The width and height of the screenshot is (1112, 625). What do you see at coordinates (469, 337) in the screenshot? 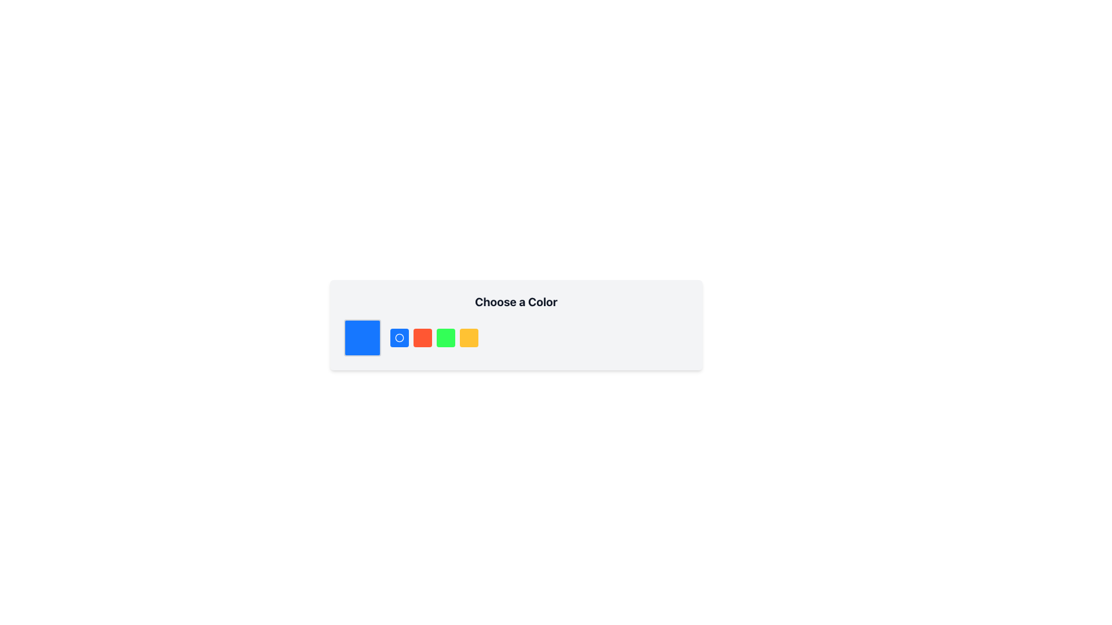
I see `the last button in a horizontal group of five buttons` at bounding box center [469, 337].